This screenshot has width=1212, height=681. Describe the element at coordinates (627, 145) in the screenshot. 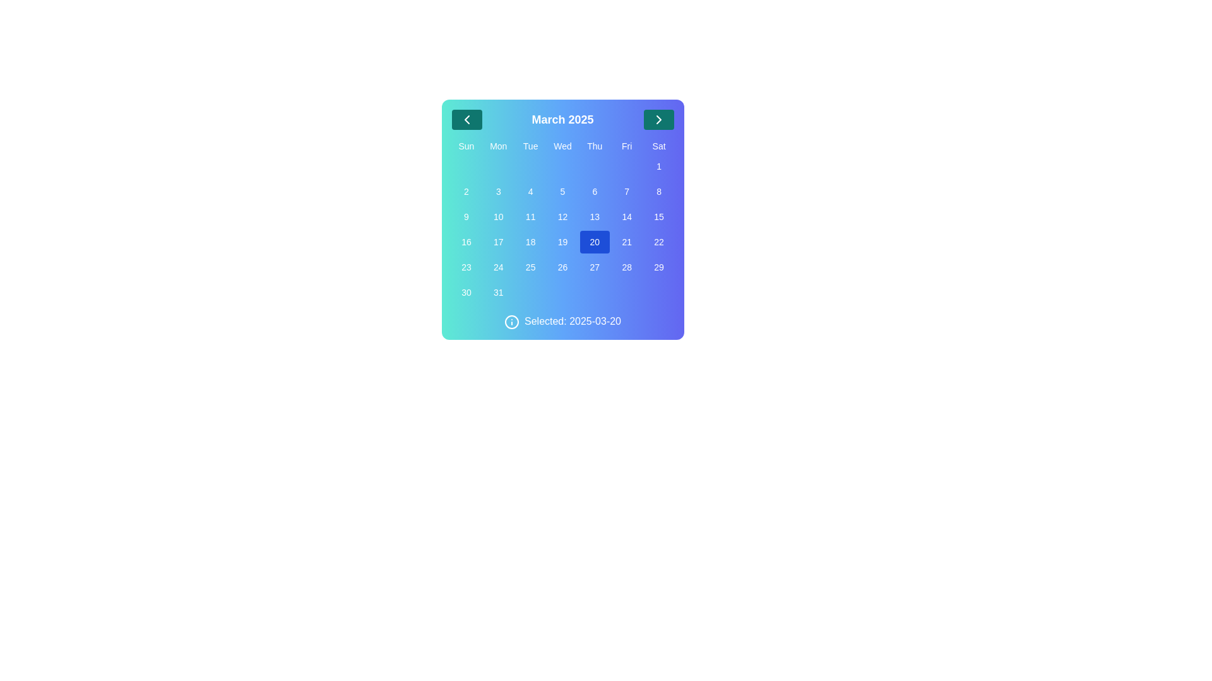

I see `the static text label displaying 'Fri', which is the sixth item in the weekday header of the calendar interface, located between 'Thu' and 'Sat'` at that location.